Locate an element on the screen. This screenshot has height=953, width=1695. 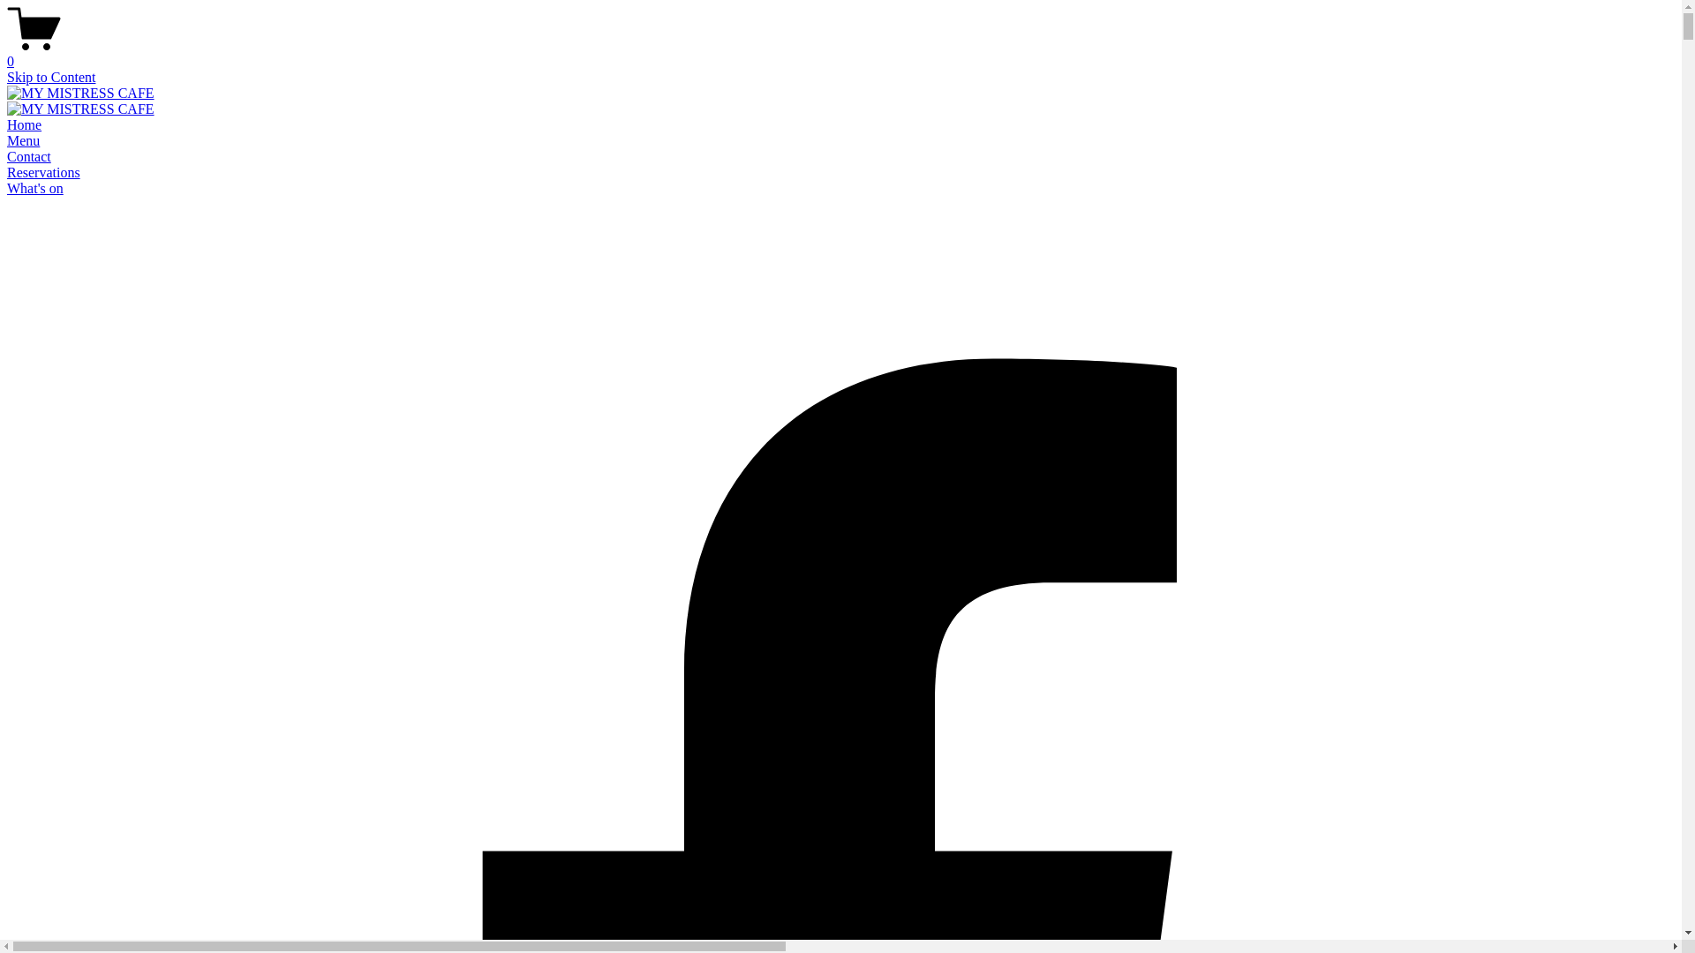
'Home' is located at coordinates (7, 124).